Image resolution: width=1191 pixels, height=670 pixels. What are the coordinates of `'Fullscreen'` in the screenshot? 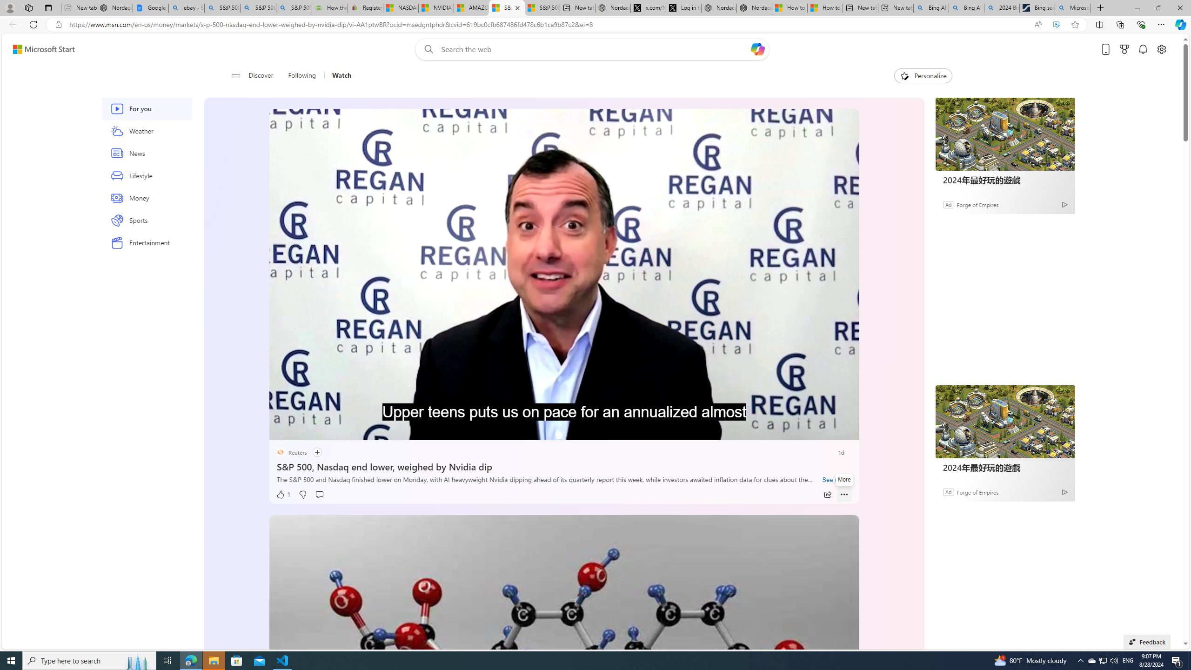 It's located at (827, 429).